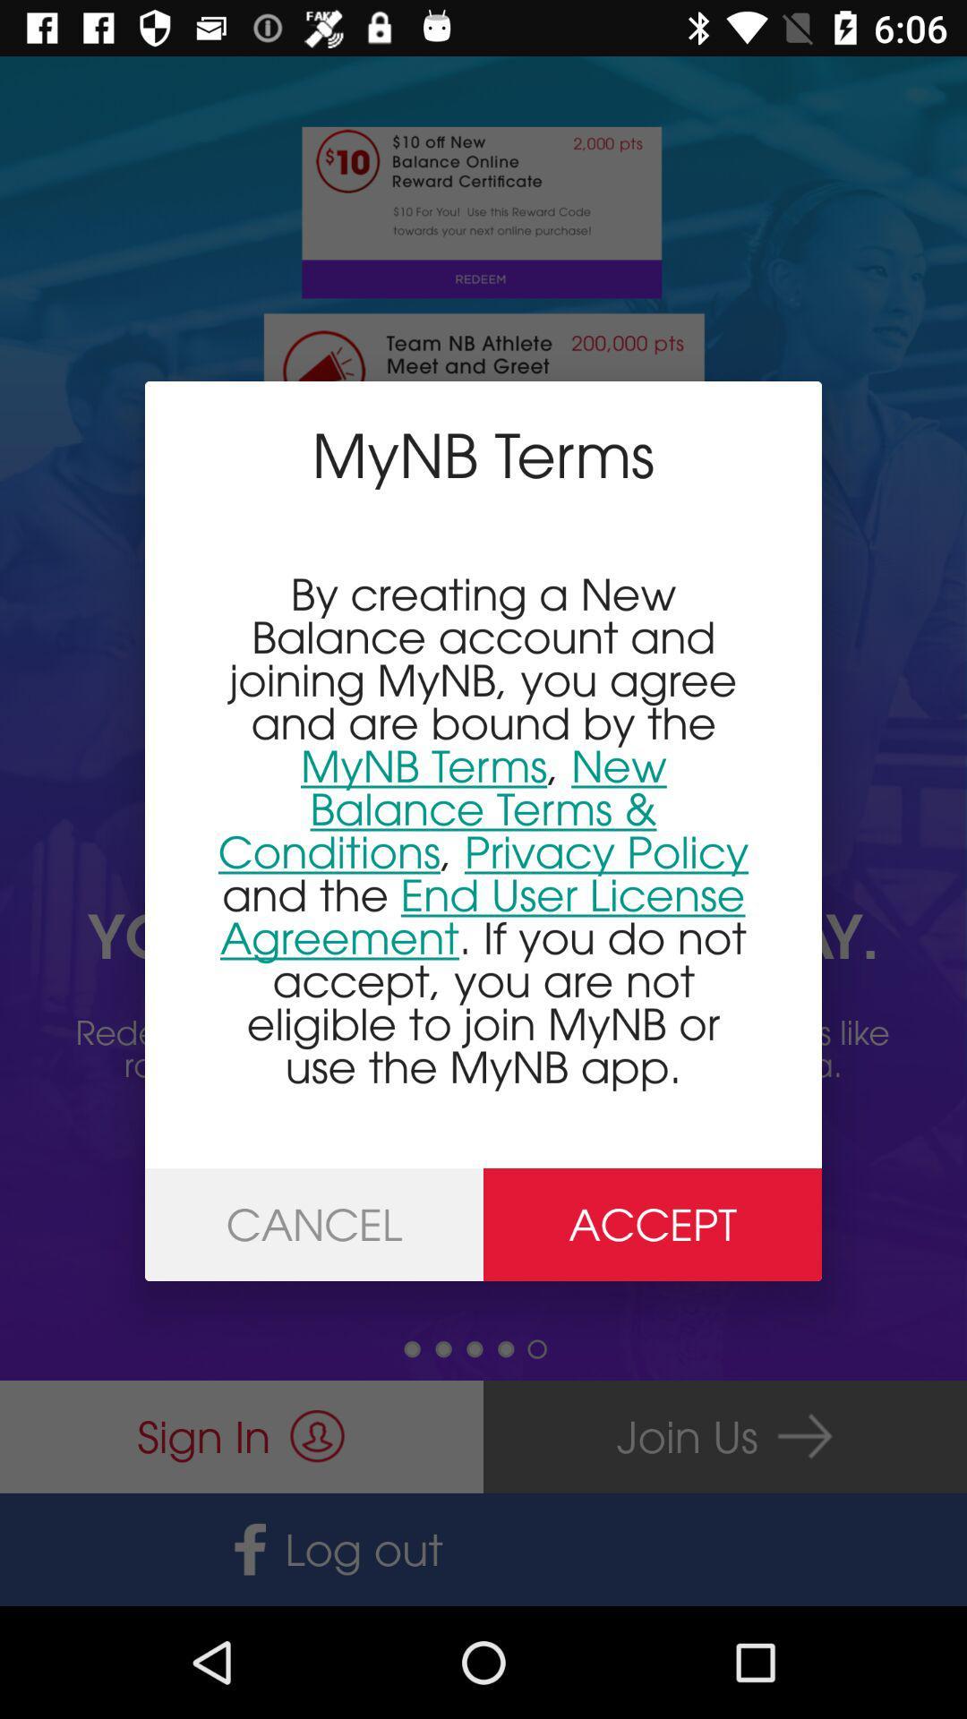 The image size is (967, 1719). I want to click on the item at the center, so click(483, 829).